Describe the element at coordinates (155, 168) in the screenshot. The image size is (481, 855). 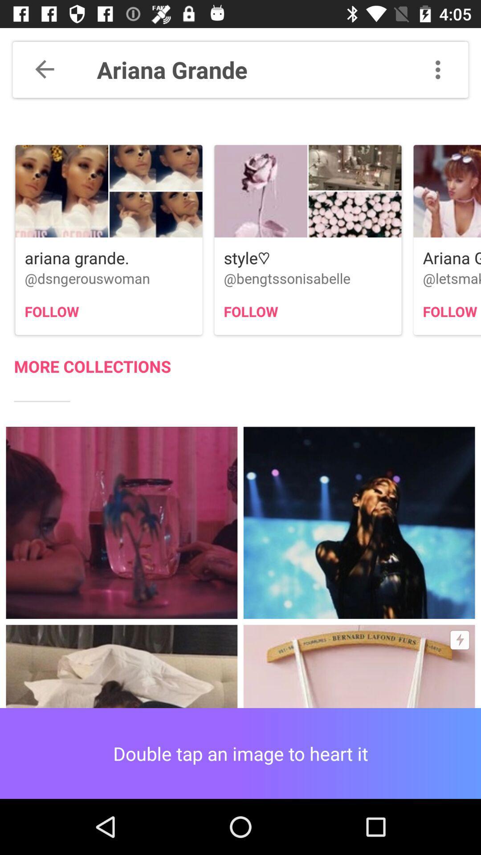
I see `second image in the first option` at that location.